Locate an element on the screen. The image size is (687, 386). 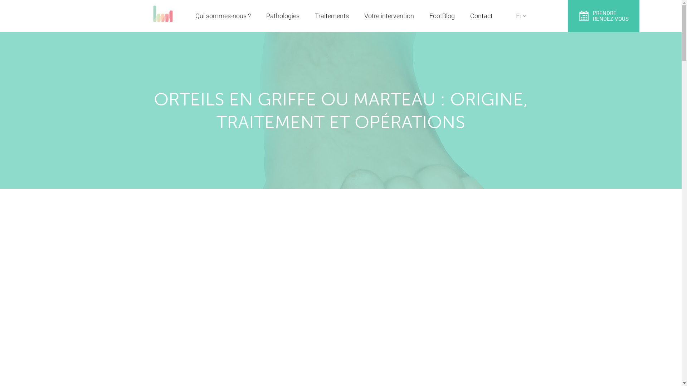
'Traitements' is located at coordinates (331, 16).